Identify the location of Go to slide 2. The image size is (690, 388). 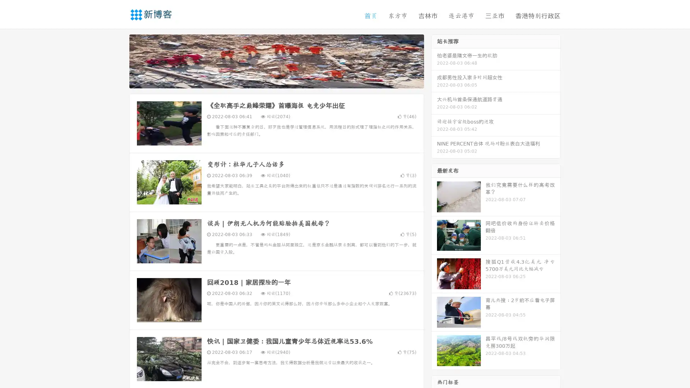
(276, 81).